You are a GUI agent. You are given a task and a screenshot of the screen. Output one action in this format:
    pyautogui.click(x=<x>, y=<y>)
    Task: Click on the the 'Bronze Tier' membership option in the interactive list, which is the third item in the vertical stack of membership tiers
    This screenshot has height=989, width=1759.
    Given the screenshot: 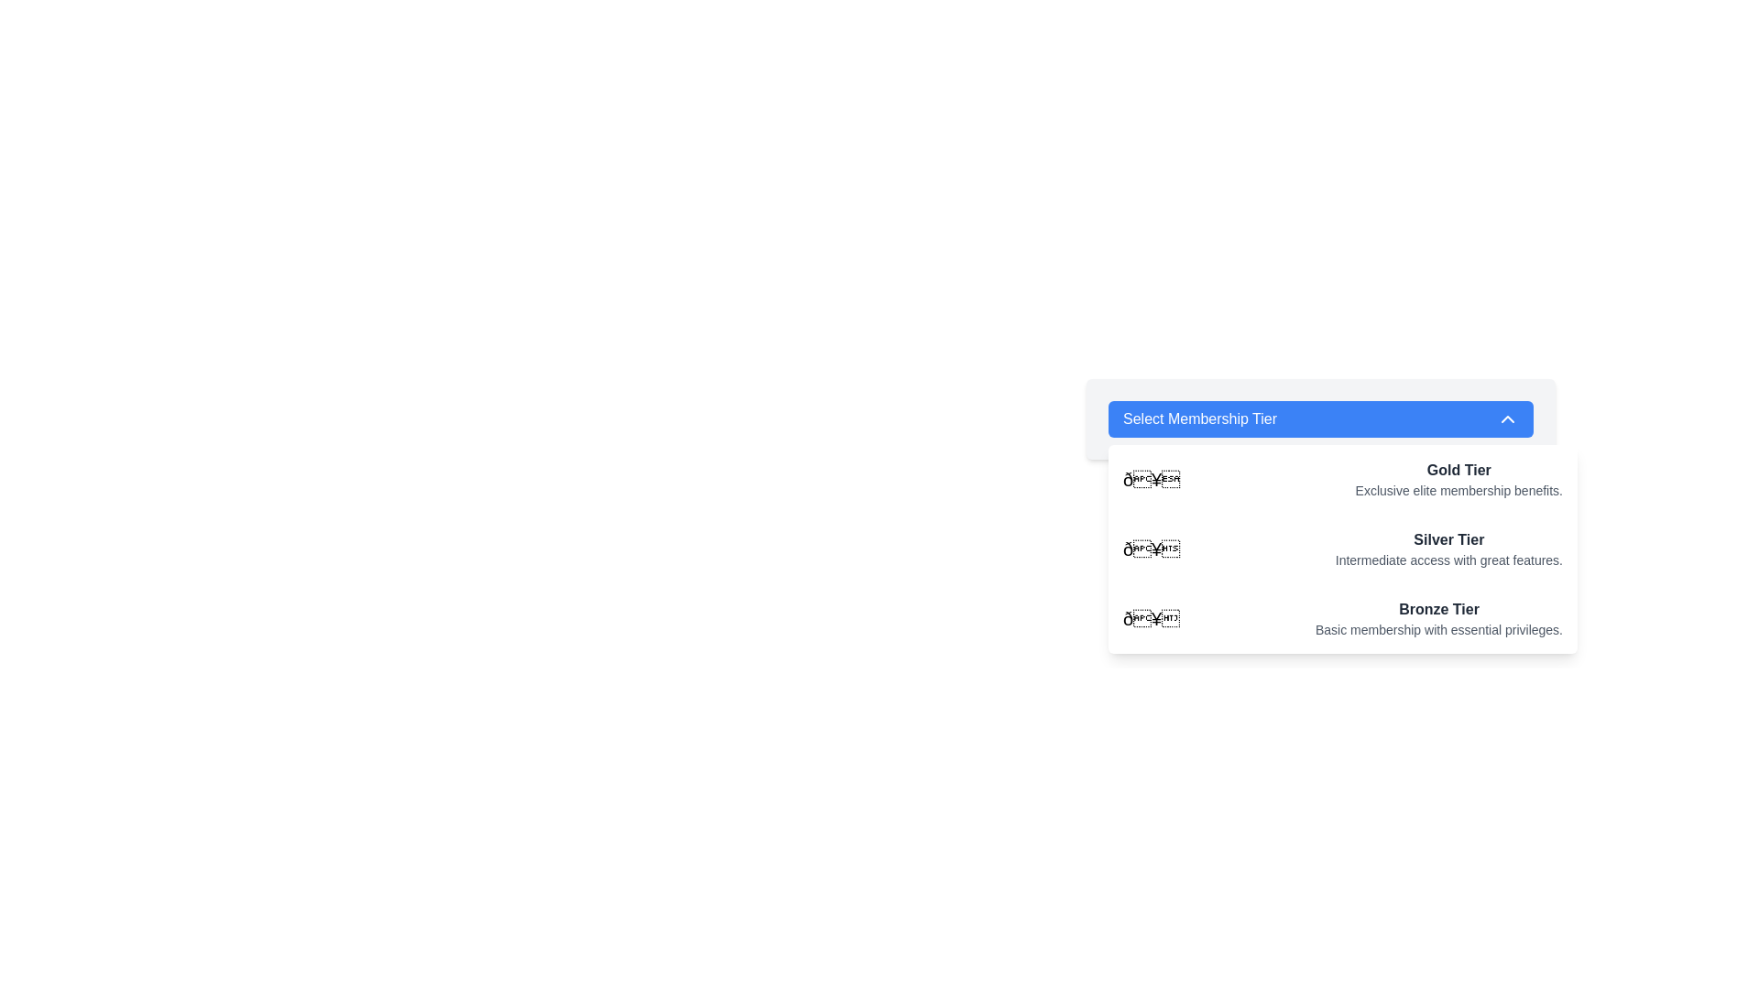 What is the action you would take?
    pyautogui.click(x=1342, y=618)
    